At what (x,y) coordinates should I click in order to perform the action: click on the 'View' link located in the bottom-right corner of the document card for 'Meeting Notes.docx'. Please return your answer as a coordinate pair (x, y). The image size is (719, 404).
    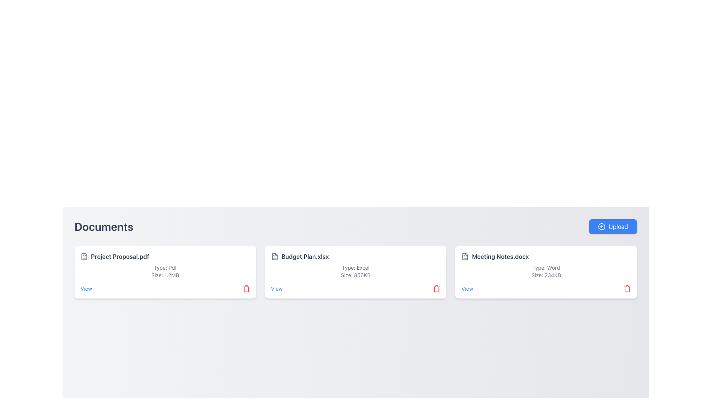
    Looking at the image, I should click on (467, 288).